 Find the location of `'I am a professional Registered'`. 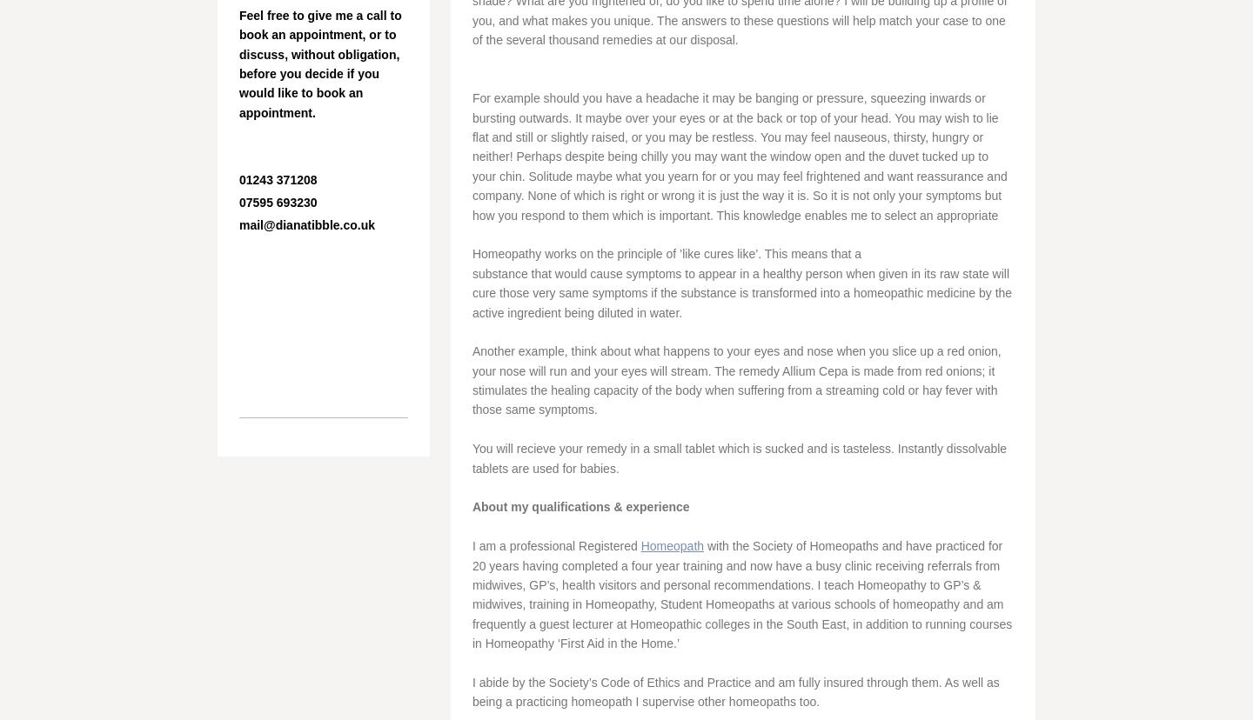

'I am a professional Registered' is located at coordinates (554, 546).